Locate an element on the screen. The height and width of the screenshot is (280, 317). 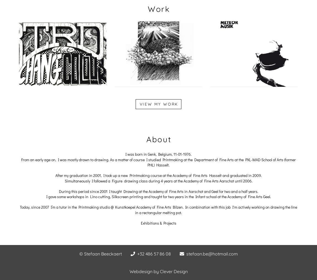
'About' is located at coordinates (158, 139).